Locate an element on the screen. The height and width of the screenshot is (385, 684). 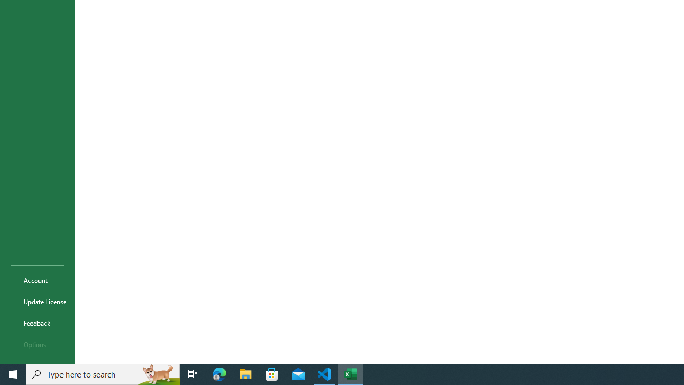
'Excel - 1 running window' is located at coordinates (351, 373).